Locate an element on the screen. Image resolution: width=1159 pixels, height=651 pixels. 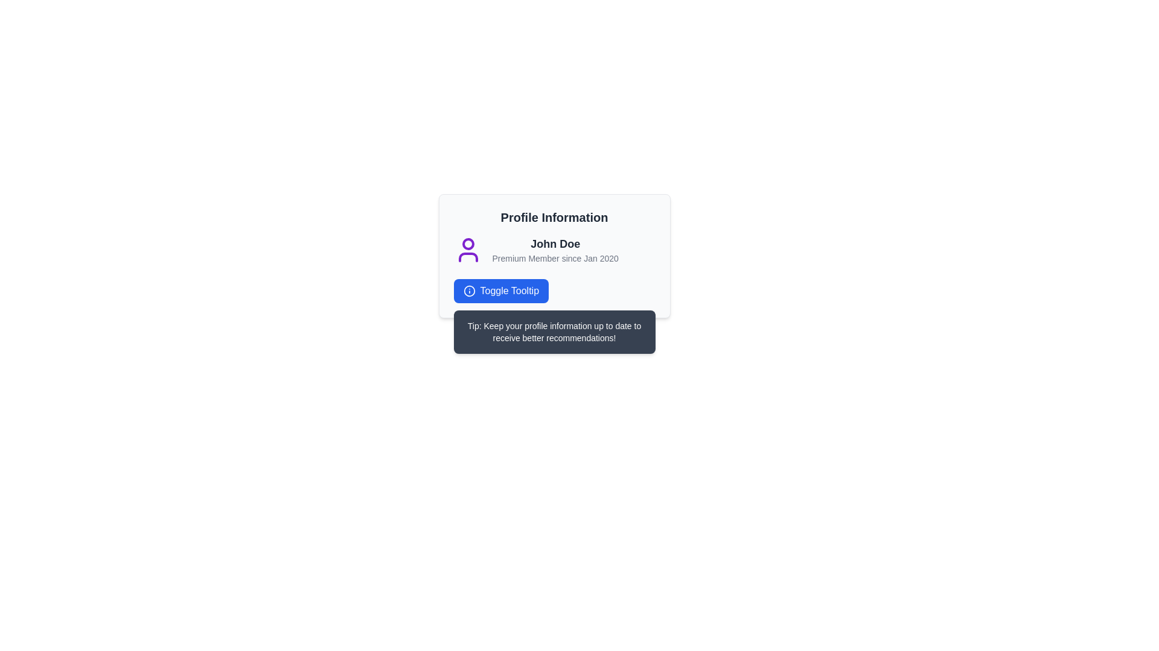
the filled purple circular SVG element located above the user icon's body, centered within its head-circle representation is located at coordinates (467, 244).